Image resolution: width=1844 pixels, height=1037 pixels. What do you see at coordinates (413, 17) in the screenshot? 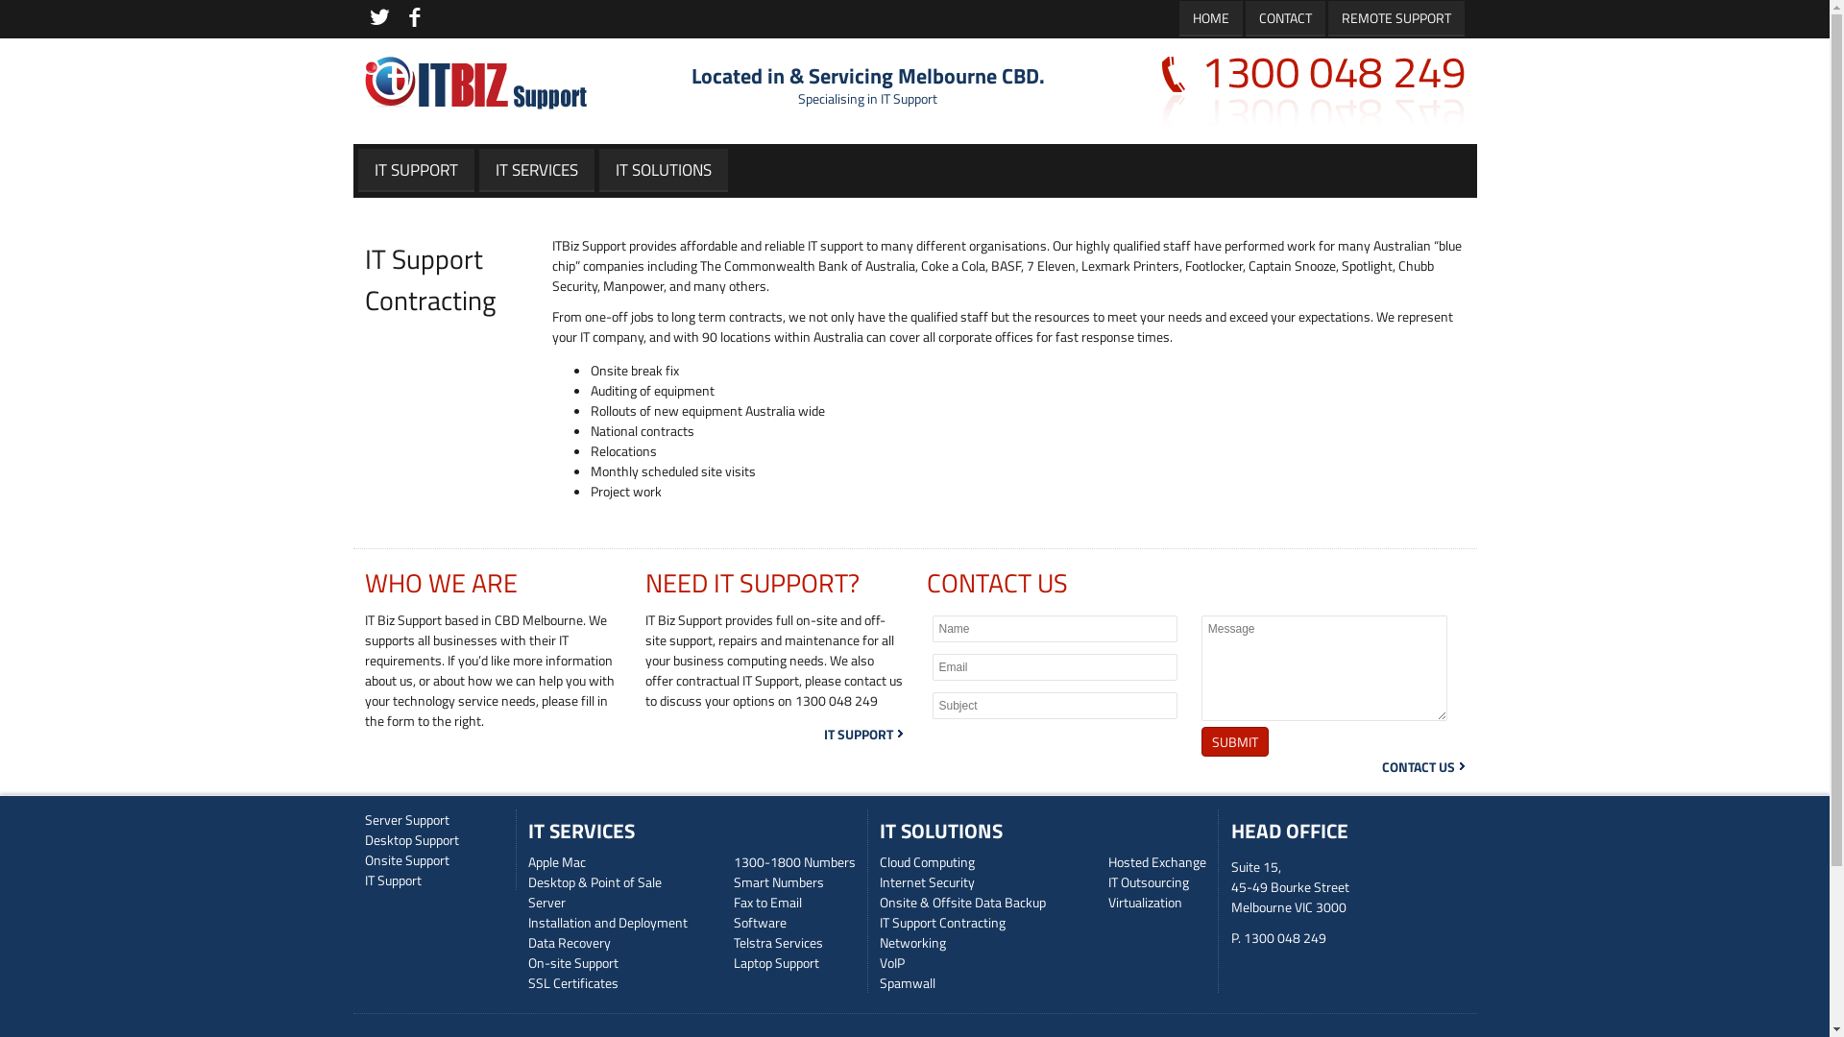
I see `'Follow us on Facebook'` at bounding box center [413, 17].